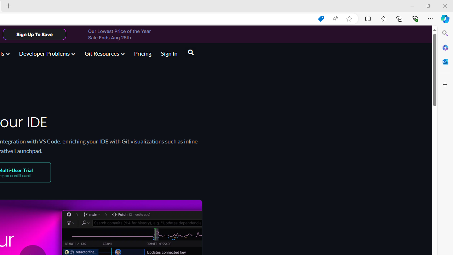  What do you see at coordinates (142, 54) in the screenshot?
I see `'Pricing'` at bounding box center [142, 54].